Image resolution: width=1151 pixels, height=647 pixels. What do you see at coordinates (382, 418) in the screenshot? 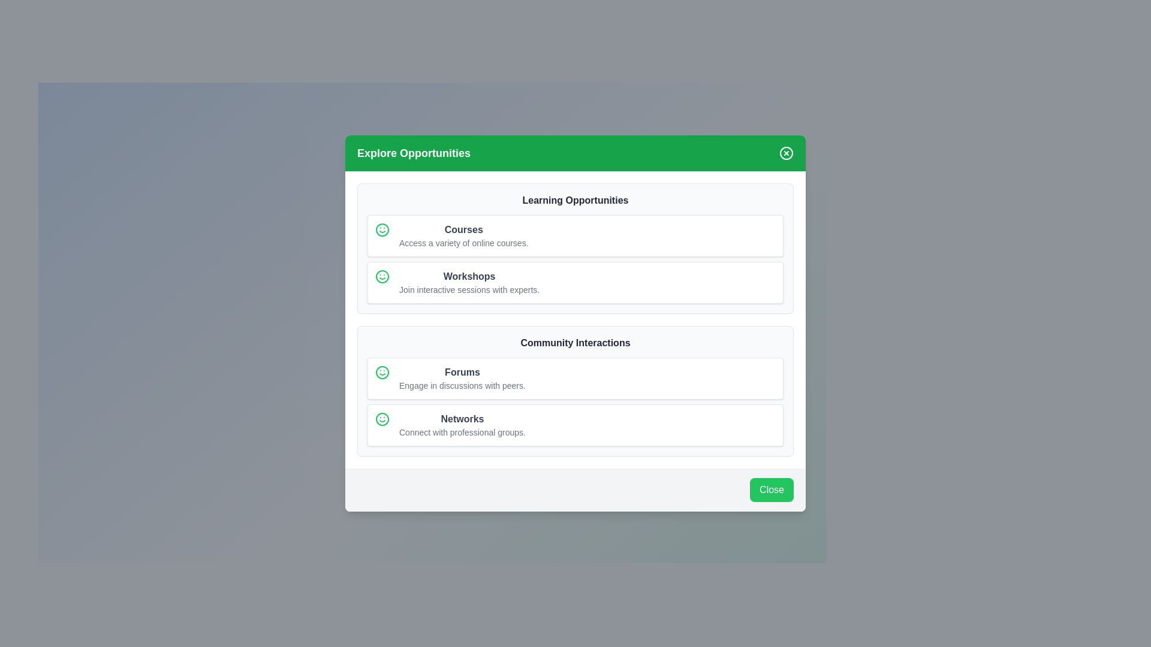
I see `the decorative circular boundary of the smiley face icon located to the left of the 'Networks' text in the 'Community Interactions' subsection` at bounding box center [382, 418].